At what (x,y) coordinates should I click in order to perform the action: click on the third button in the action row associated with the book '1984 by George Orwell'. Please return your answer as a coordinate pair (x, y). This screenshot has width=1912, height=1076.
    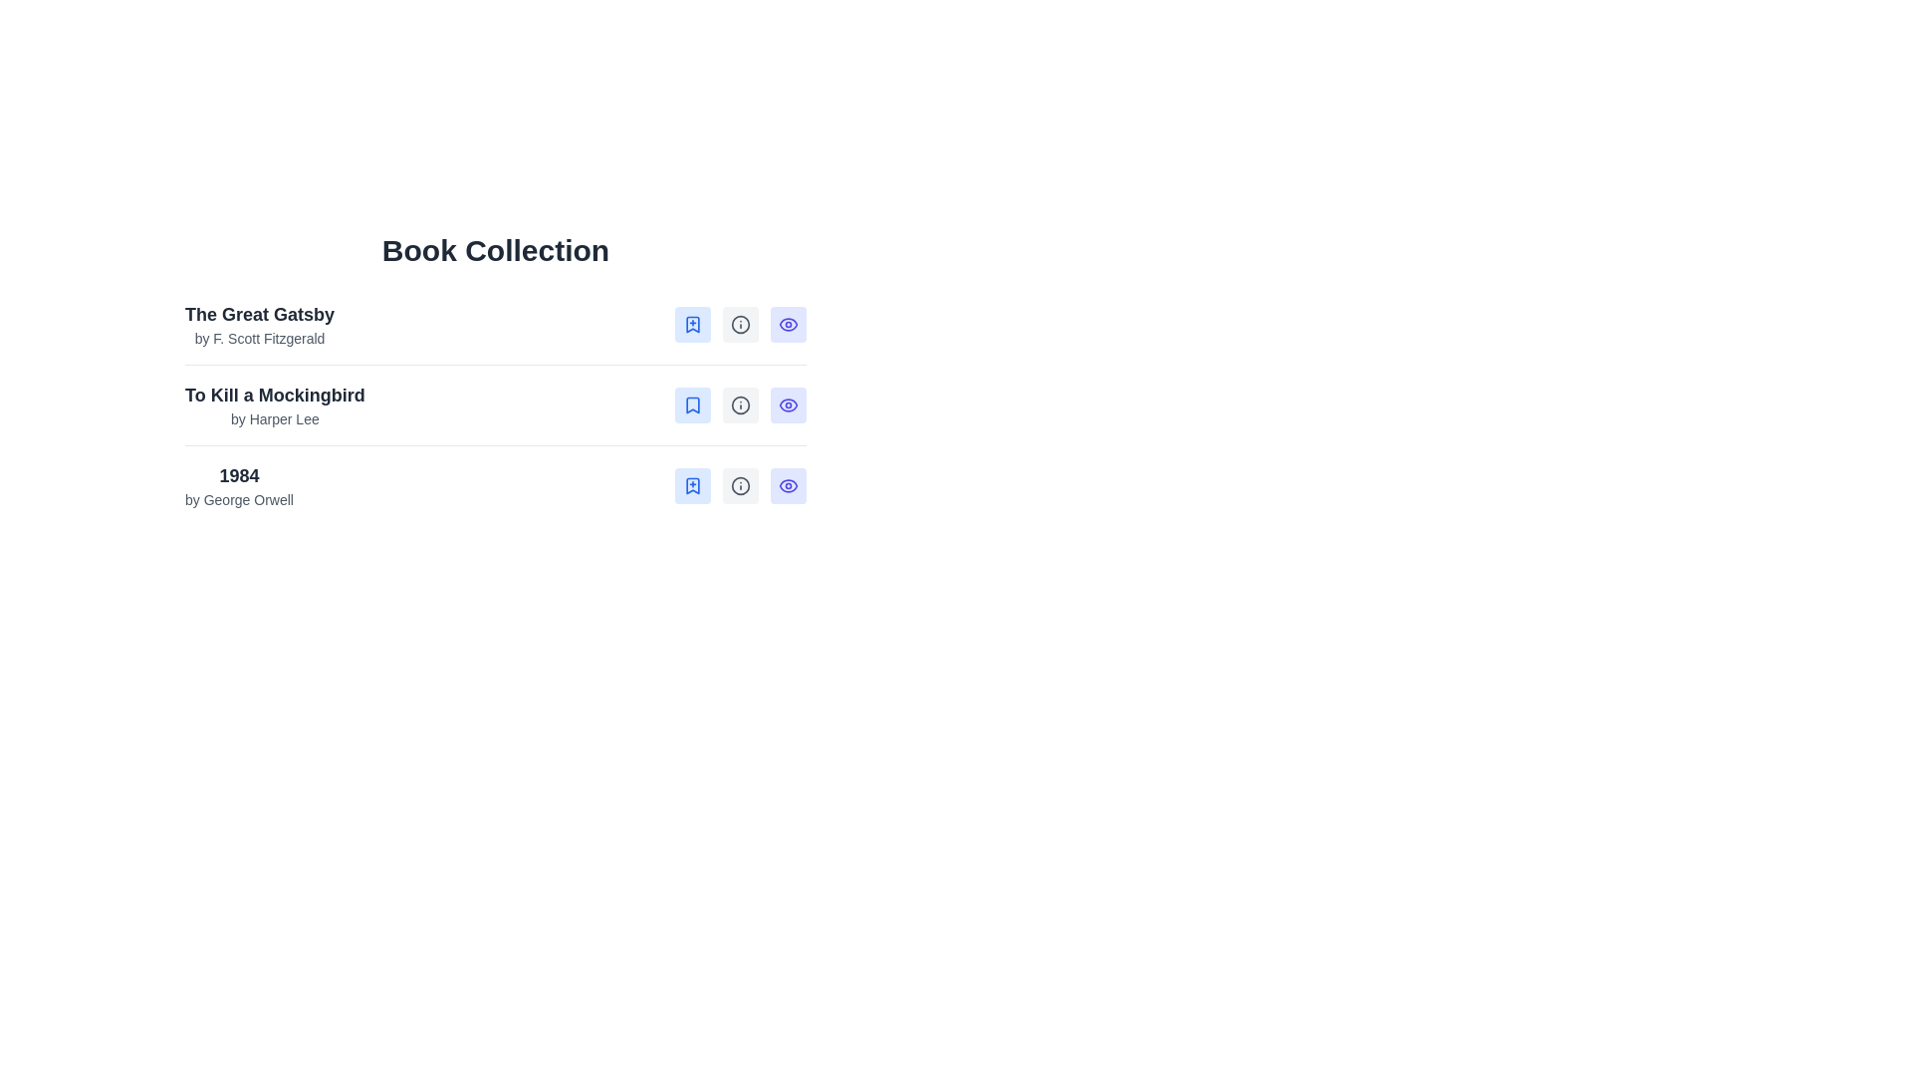
    Looking at the image, I should click on (788, 404).